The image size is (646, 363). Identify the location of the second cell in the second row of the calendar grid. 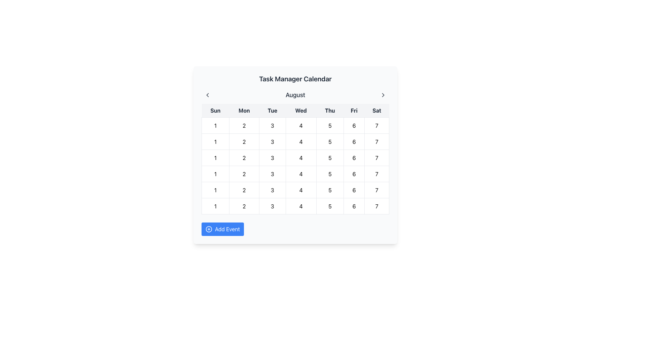
(244, 158).